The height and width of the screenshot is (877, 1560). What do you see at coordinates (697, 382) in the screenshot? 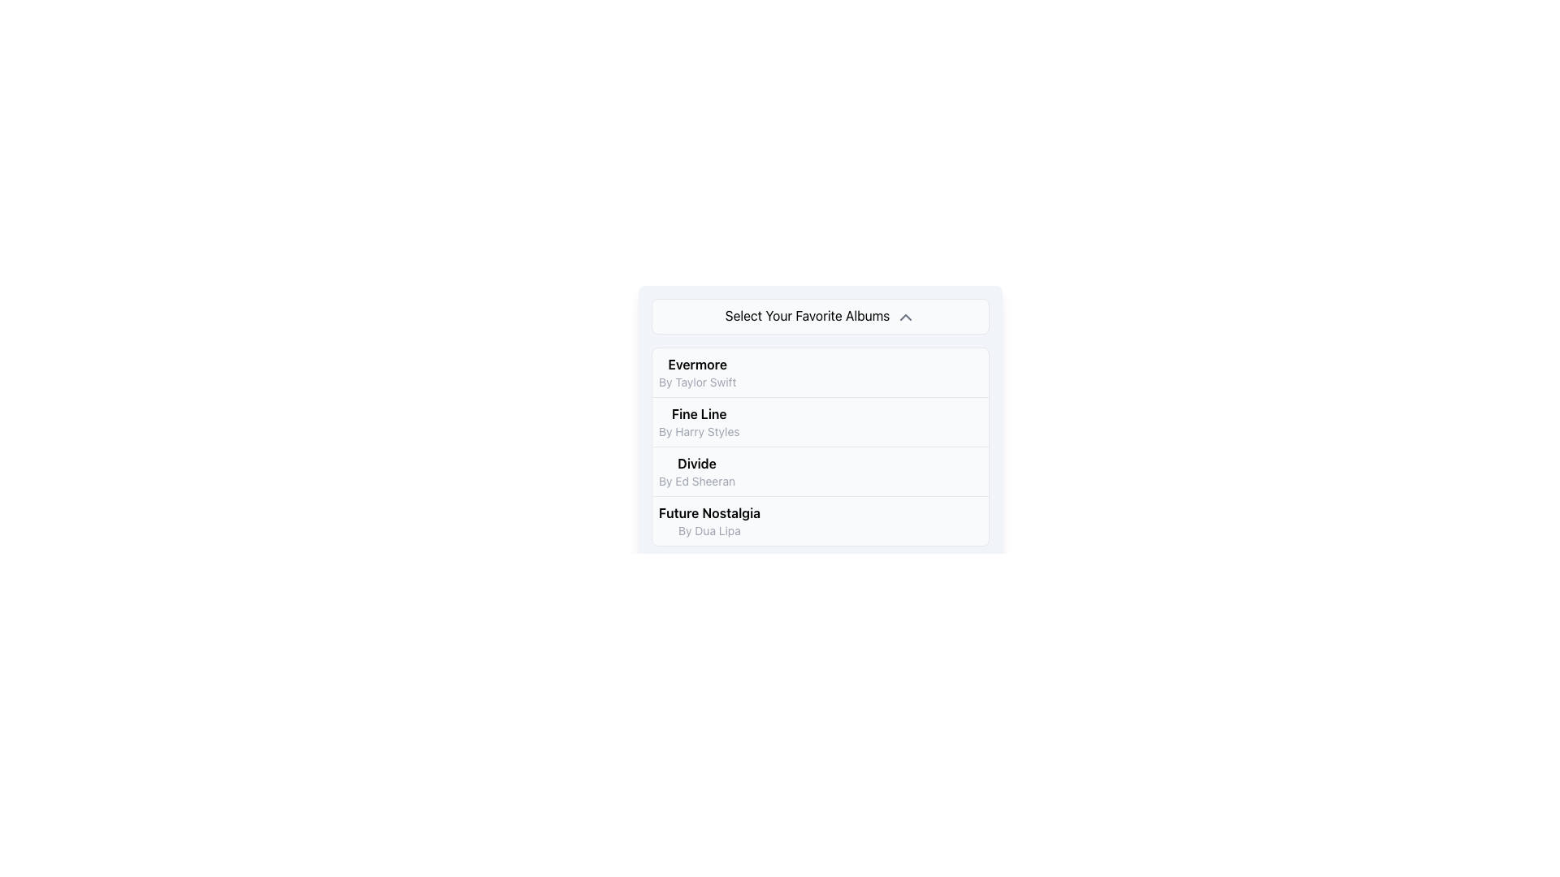
I see `the text label displaying the artist responsible for the album 'Evermore', located immediately below the album title in the vertical list` at bounding box center [697, 382].